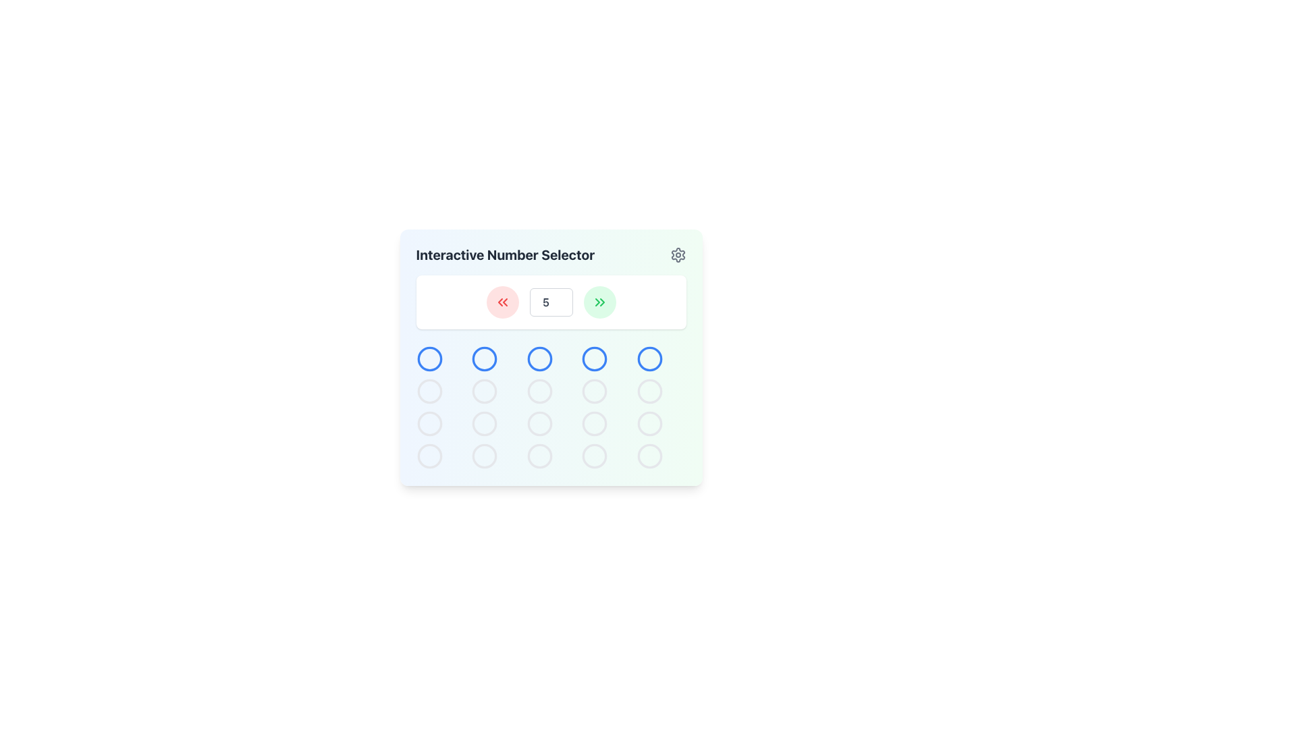  Describe the element at coordinates (594, 423) in the screenshot. I see `the 4th circle in the 3rd column of a 5x5 grid of circles, which serves as a visual display or selection element` at that location.